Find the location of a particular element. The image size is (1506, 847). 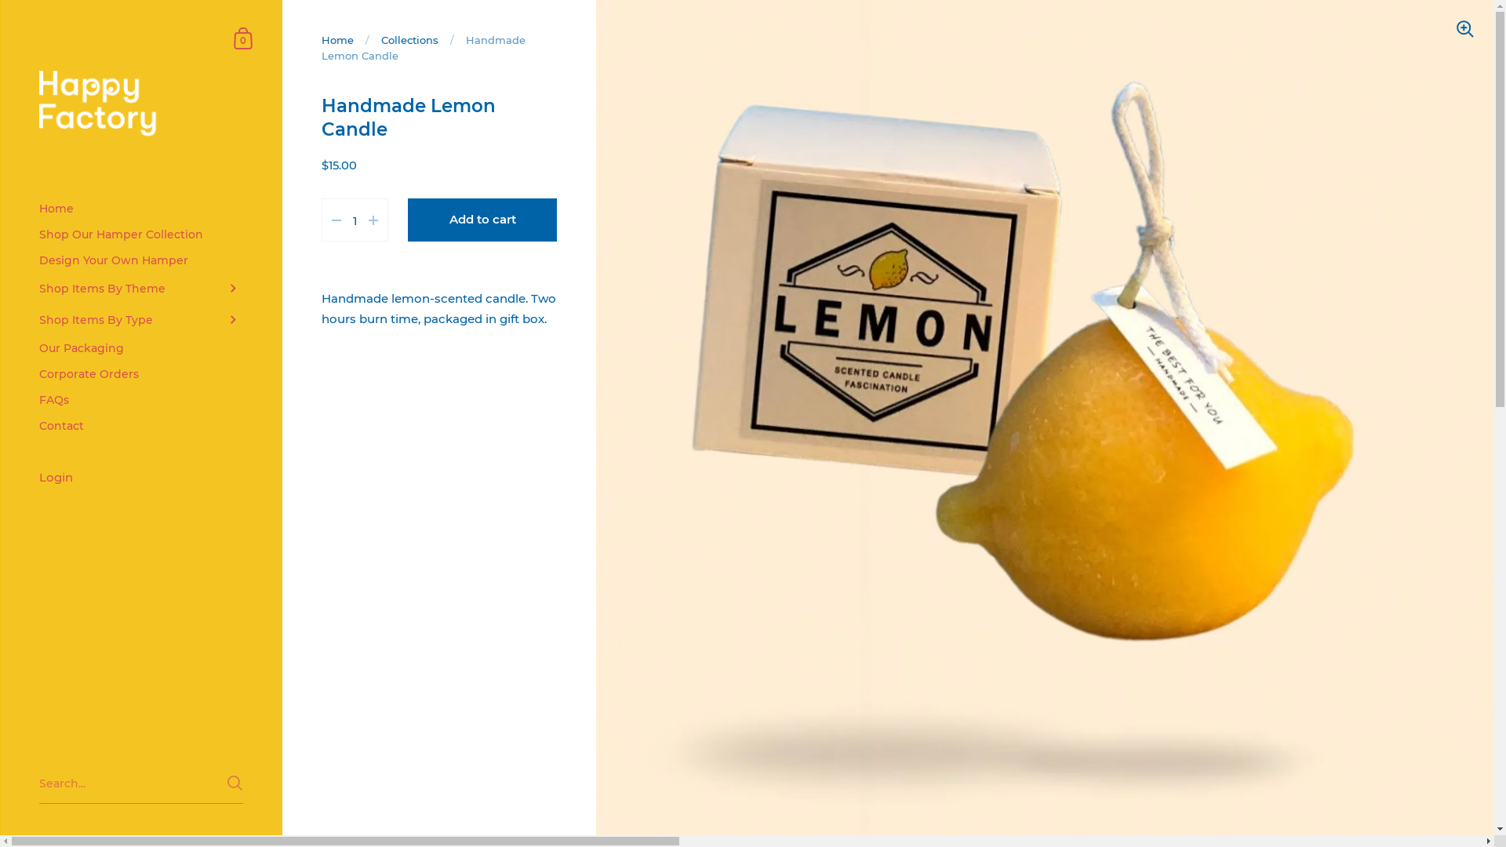

'Shop Items By Type' is located at coordinates (140, 319).